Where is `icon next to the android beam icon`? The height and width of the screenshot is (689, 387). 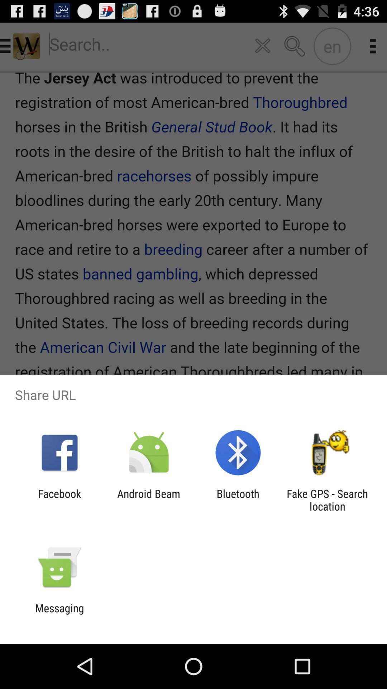
icon next to the android beam icon is located at coordinates (238, 500).